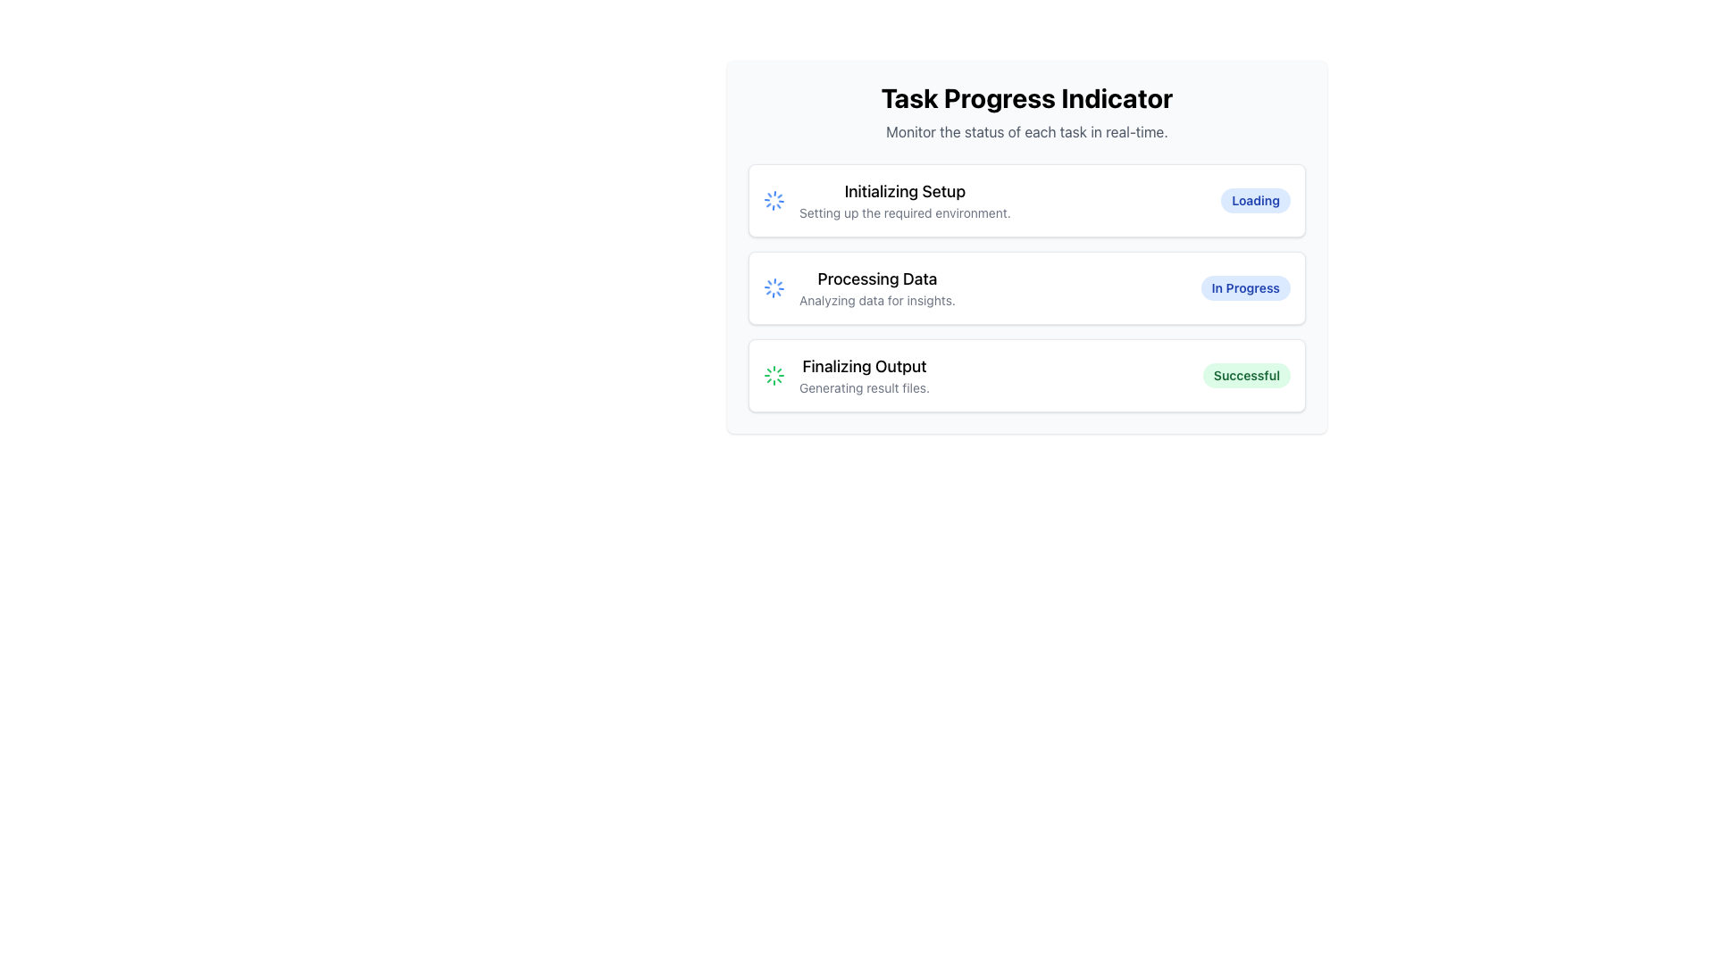  Describe the element at coordinates (1245, 374) in the screenshot. I see `the Status Indicator Badge displaying 'Successful' which is light green in color, located on the right side of the third row of the task progress list` at that location.